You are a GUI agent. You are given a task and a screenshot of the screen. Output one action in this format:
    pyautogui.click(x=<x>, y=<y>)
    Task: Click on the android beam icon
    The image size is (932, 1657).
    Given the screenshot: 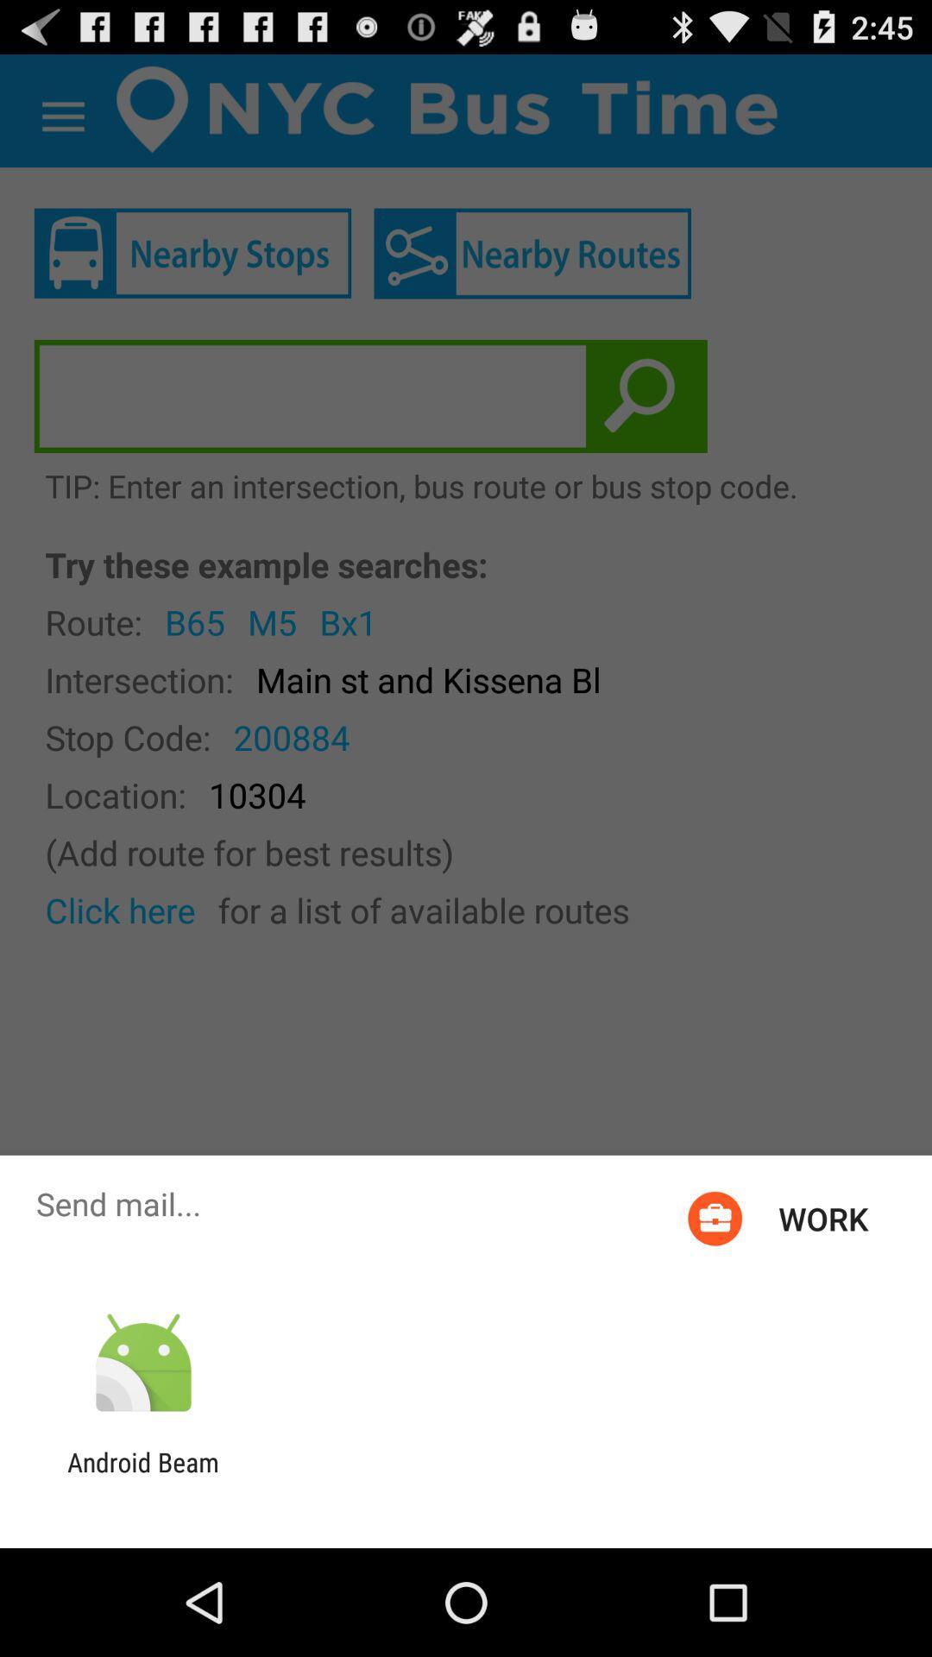 What is the action you would take?
    pyautogui.click(x=142, y=1477)
    